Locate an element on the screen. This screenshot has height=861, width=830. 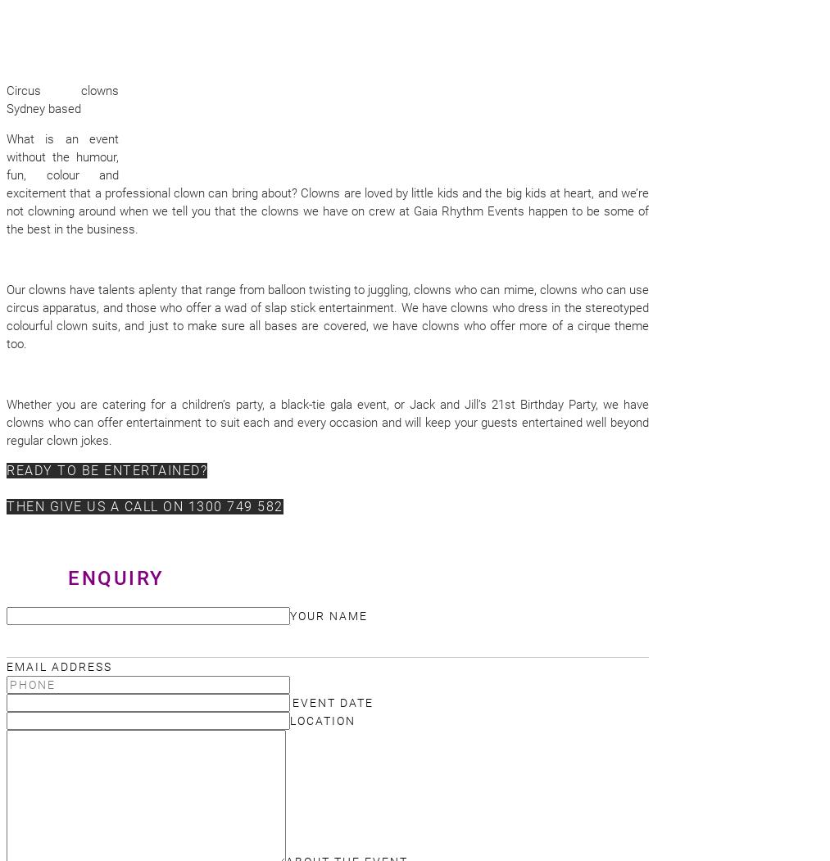
'Email Address' is located at coordinates (58, 666).